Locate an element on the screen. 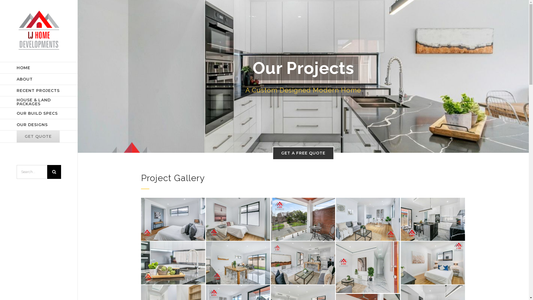 The width and height of the screenshot is (533, 300). 'HOUSE & LAND PACKAGES' is located at coordinates (38, 102).